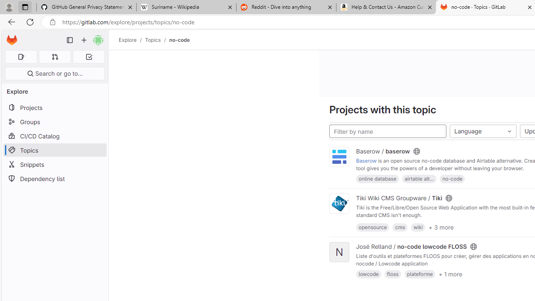 This screenshot has width=535, height=301. Describe the element at coordinates (87, 7) in the screenshot. I see `'GitHub General Privacy Statement - GitHub Docs'` at that location.